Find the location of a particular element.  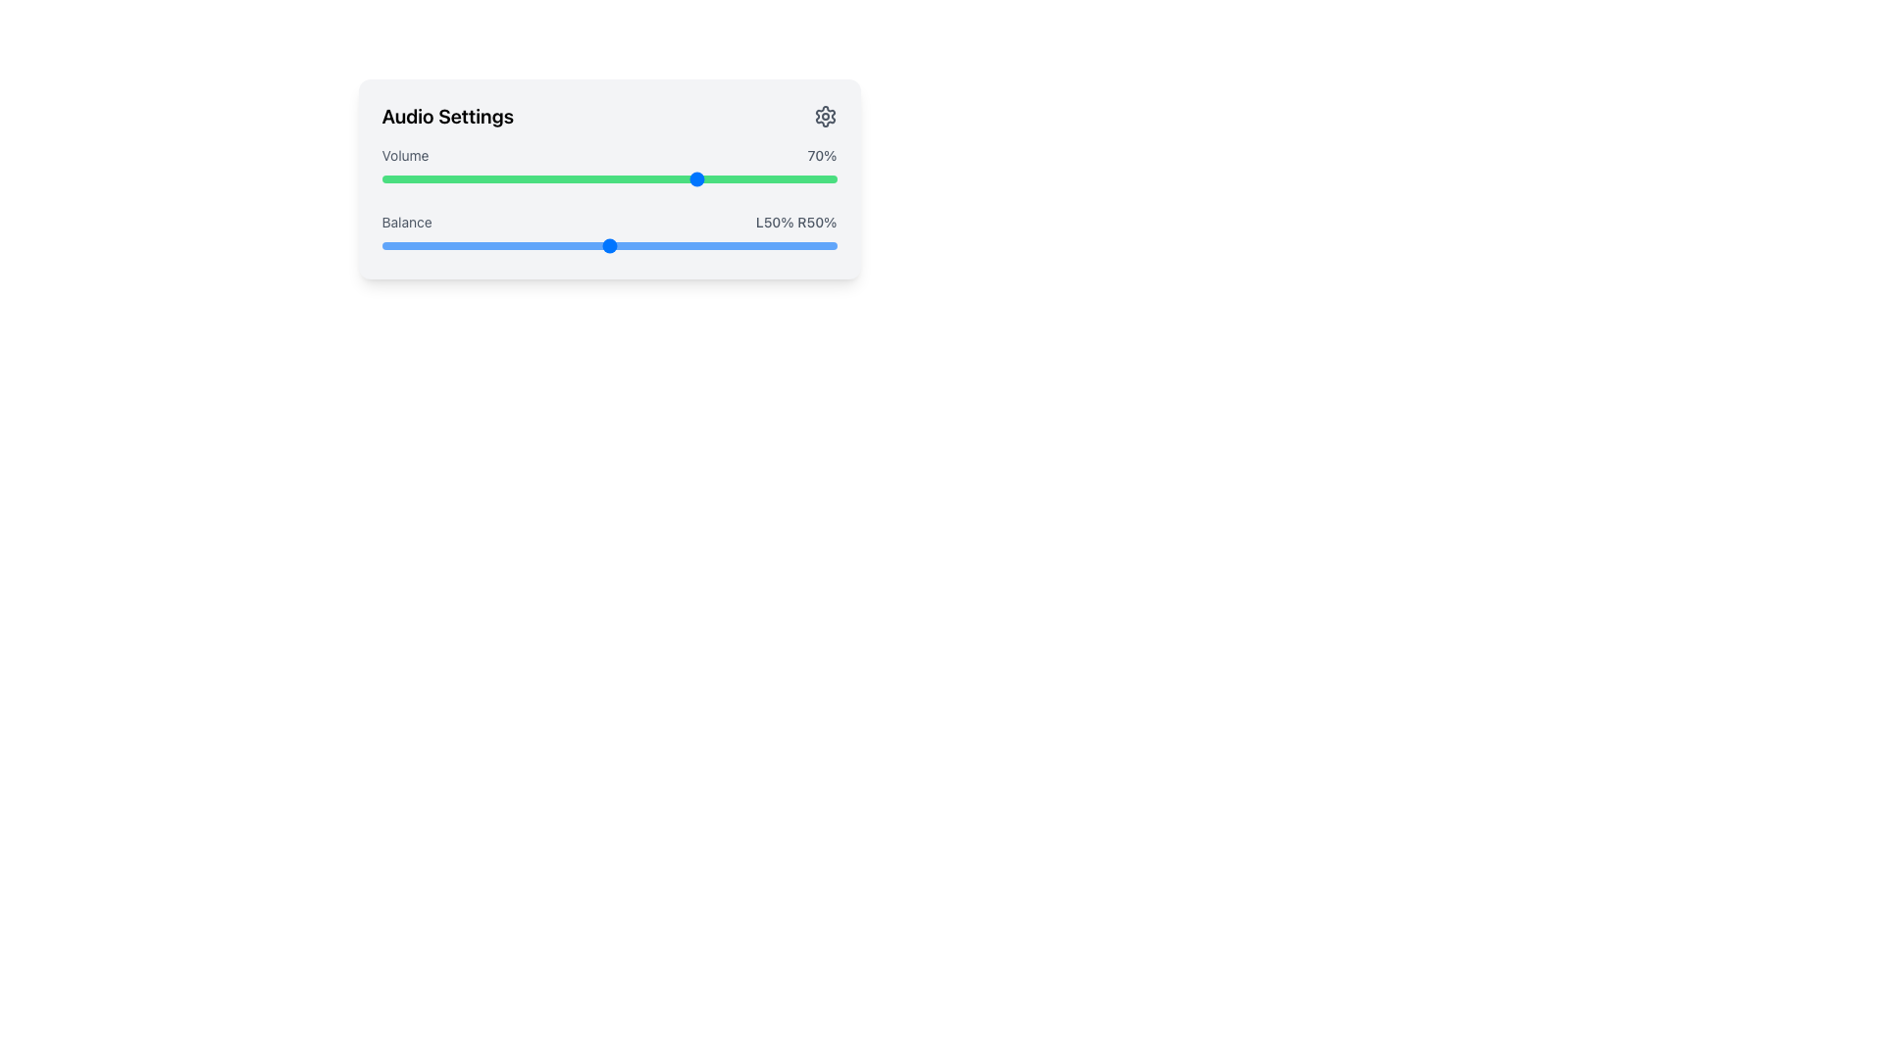

volume is located at coordinates (668, 178).